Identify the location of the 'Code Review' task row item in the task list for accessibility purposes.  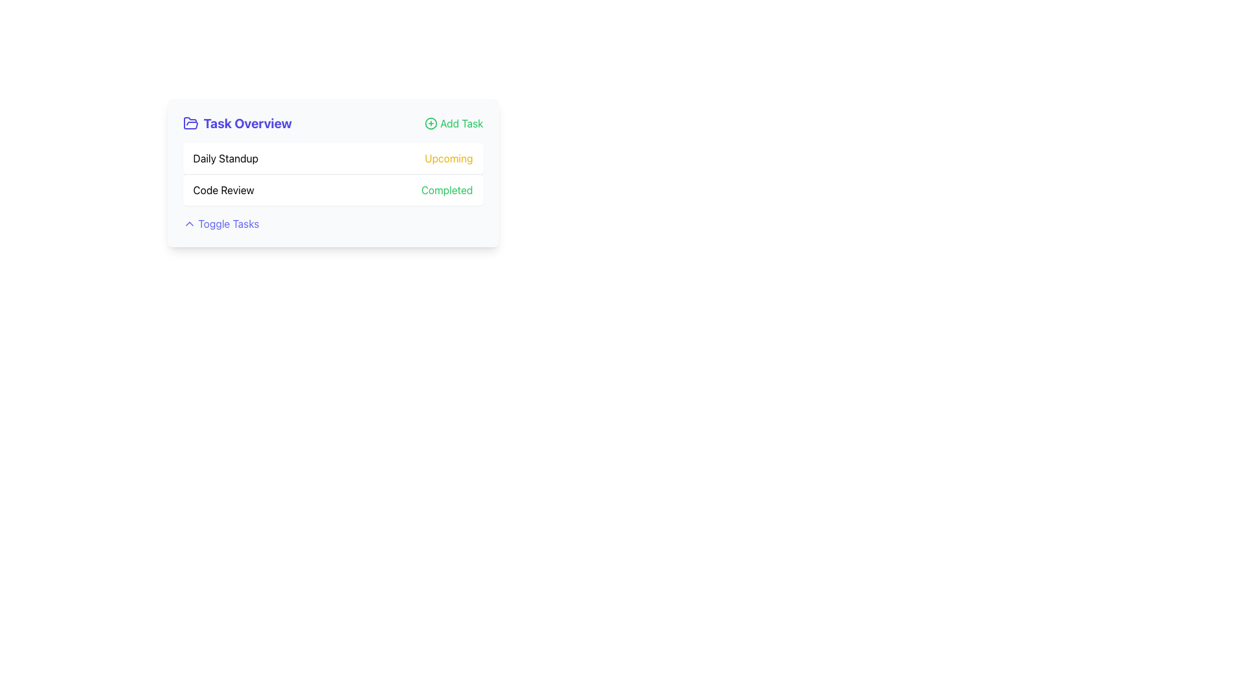
(333, 190).